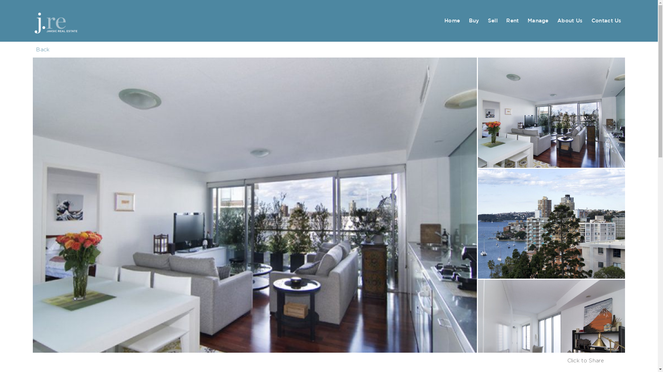 The height and width of the screenshot is (372, 663). What do you see at coordinates (452, 20) in the screenshot?
I see `'Home'` at bounding box center [452, 20].